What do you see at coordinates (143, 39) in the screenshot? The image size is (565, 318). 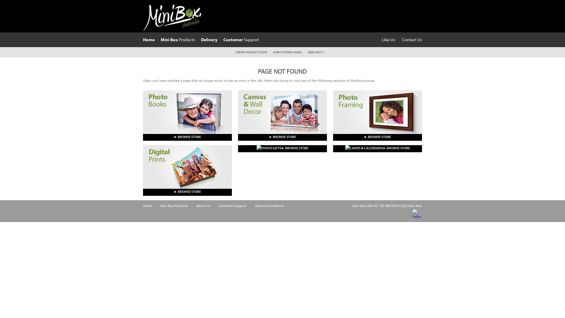 I see `'Home'` at bounding box center [143, 39].